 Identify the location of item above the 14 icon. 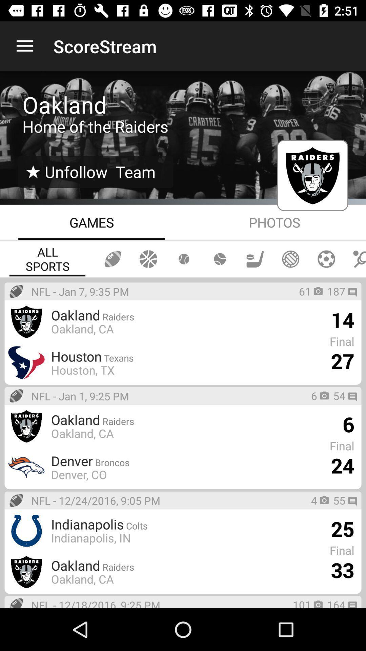
(336, 291).